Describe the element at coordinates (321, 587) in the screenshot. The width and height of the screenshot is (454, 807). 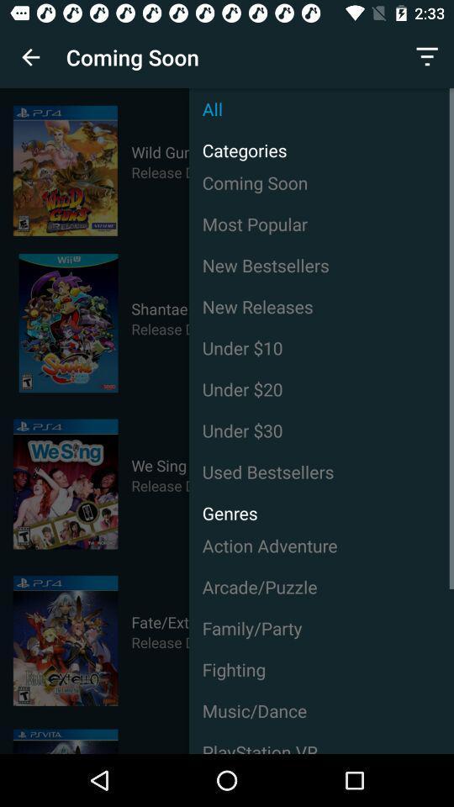
I see `arcade/puzzle icon` at that location.